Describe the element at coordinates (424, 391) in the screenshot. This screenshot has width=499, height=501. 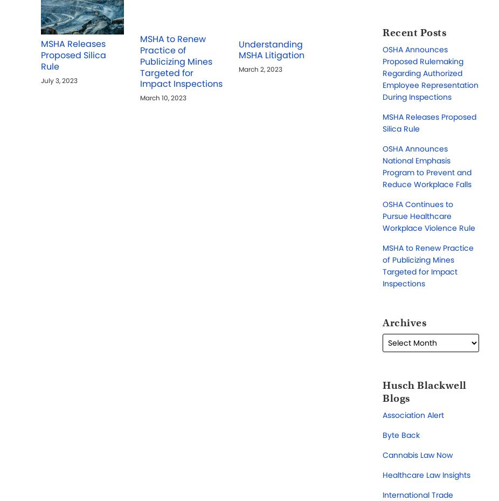
I see `'Husch Blackwell Blogs'` at that location.